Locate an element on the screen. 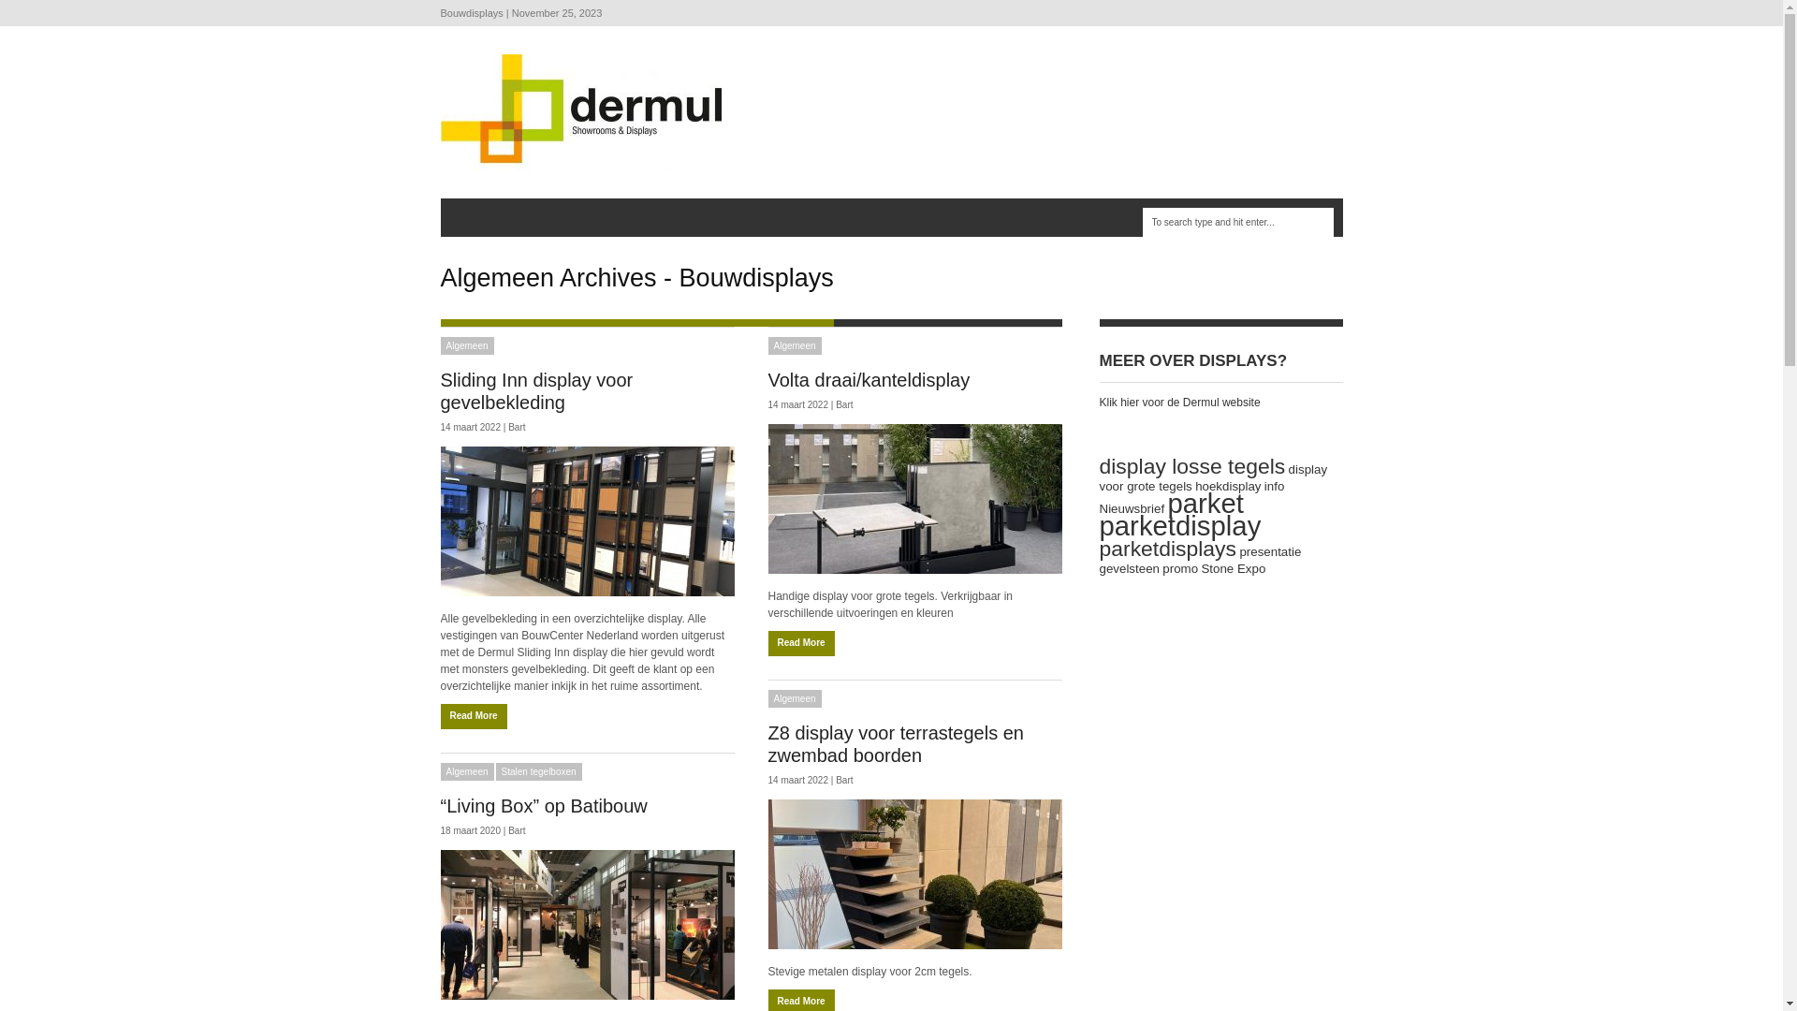 This screenshot has height=1011, width=1797. 'hoekdisplay' is located at coordinates (1227, 485).